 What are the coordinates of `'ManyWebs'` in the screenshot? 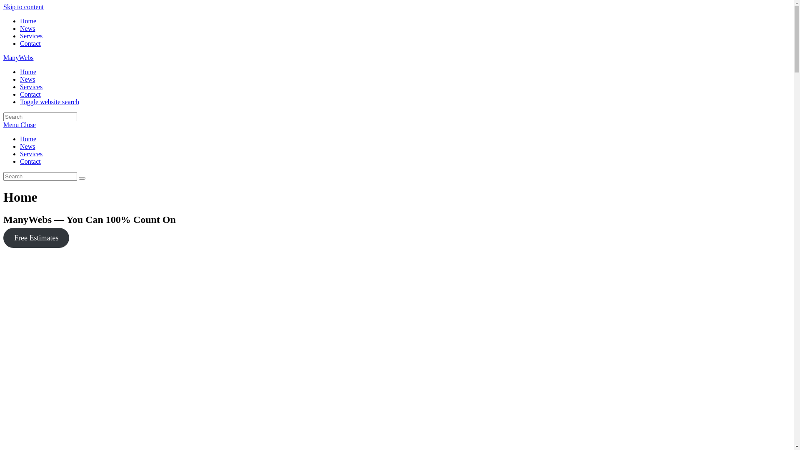 It's located at (18, 57).